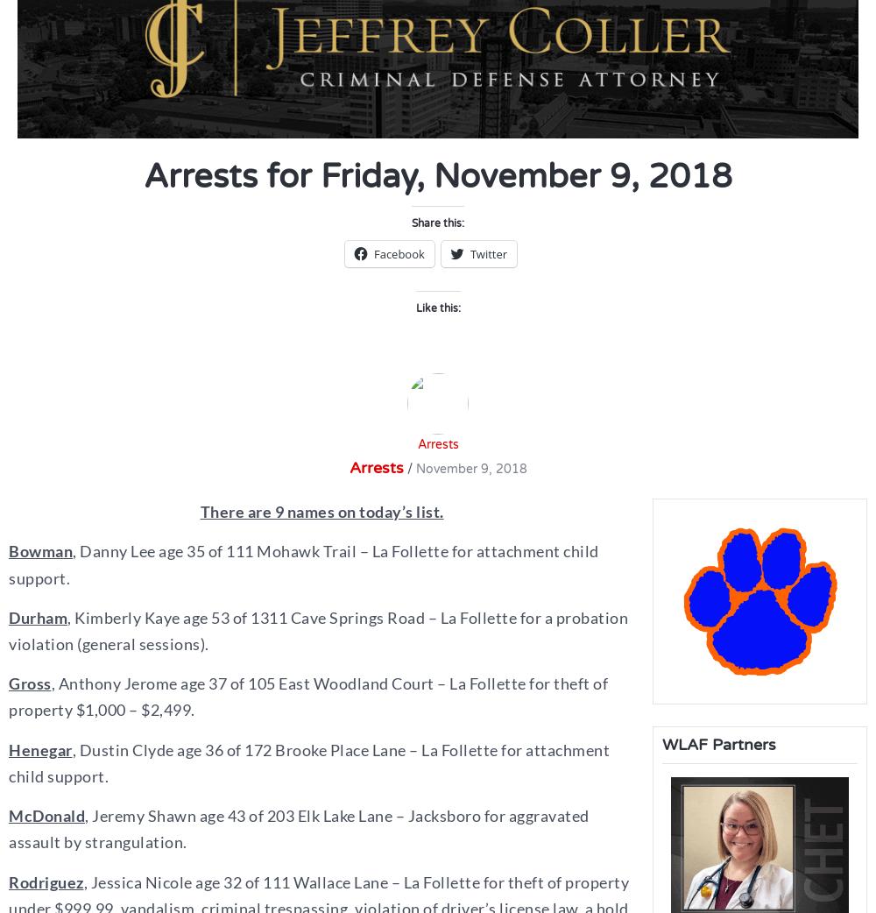 The width and height of the screenshot is (876, 913). Describe the element at coordinates (718, 744) in the screenshot. I see `'WLAF Partners'` at that location.